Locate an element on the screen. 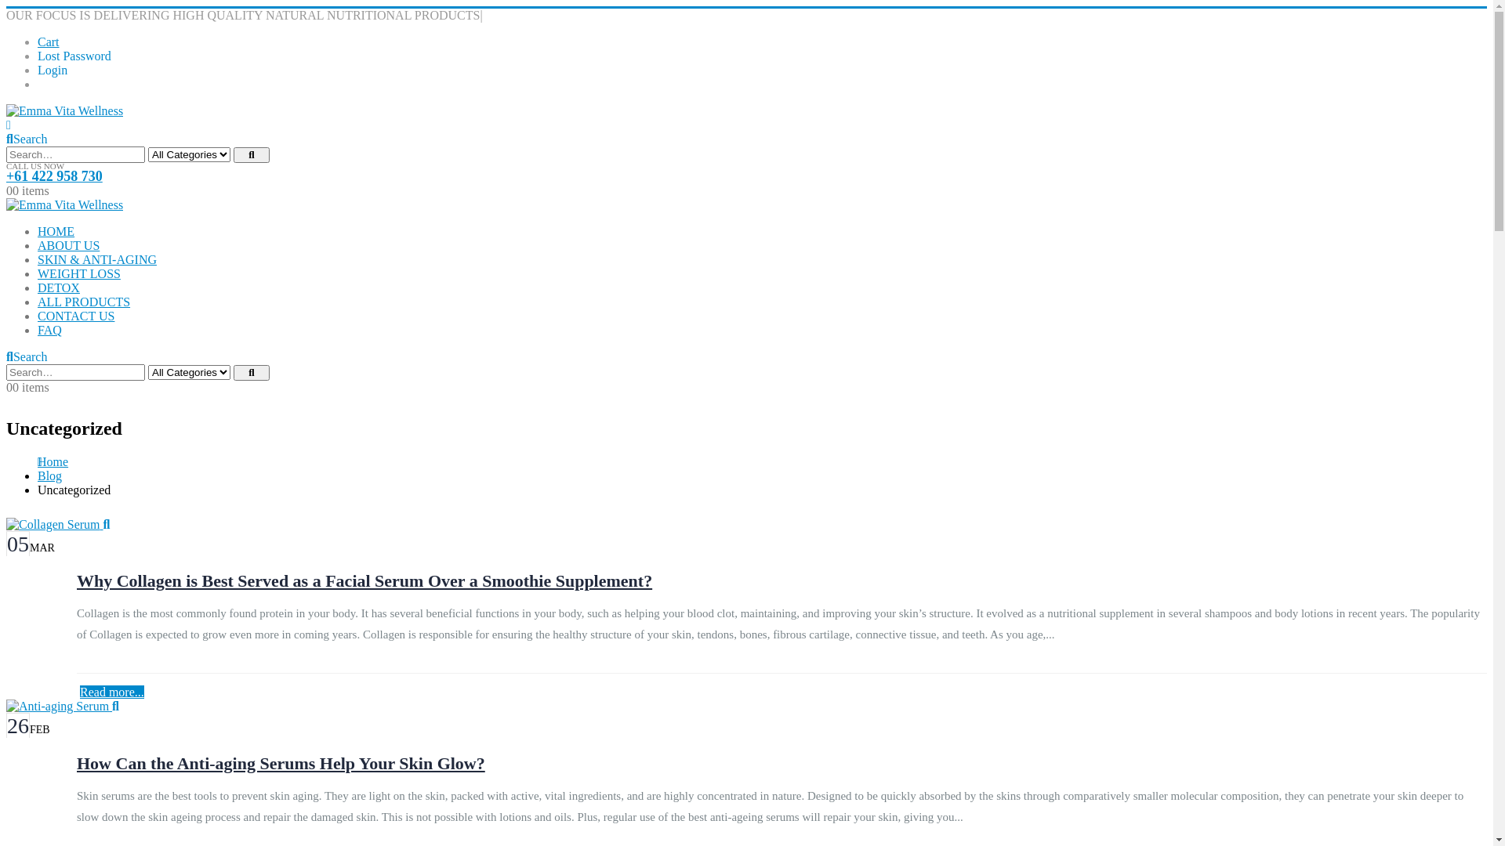  'Cart' is located at coordinates (38, 41).